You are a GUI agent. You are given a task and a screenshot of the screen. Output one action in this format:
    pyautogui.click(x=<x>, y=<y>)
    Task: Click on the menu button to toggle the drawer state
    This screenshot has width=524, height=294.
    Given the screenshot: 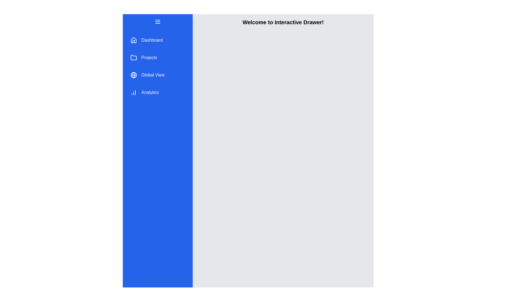 What is the action you would take?
    pyautogui.click(x=157, y=22)
    